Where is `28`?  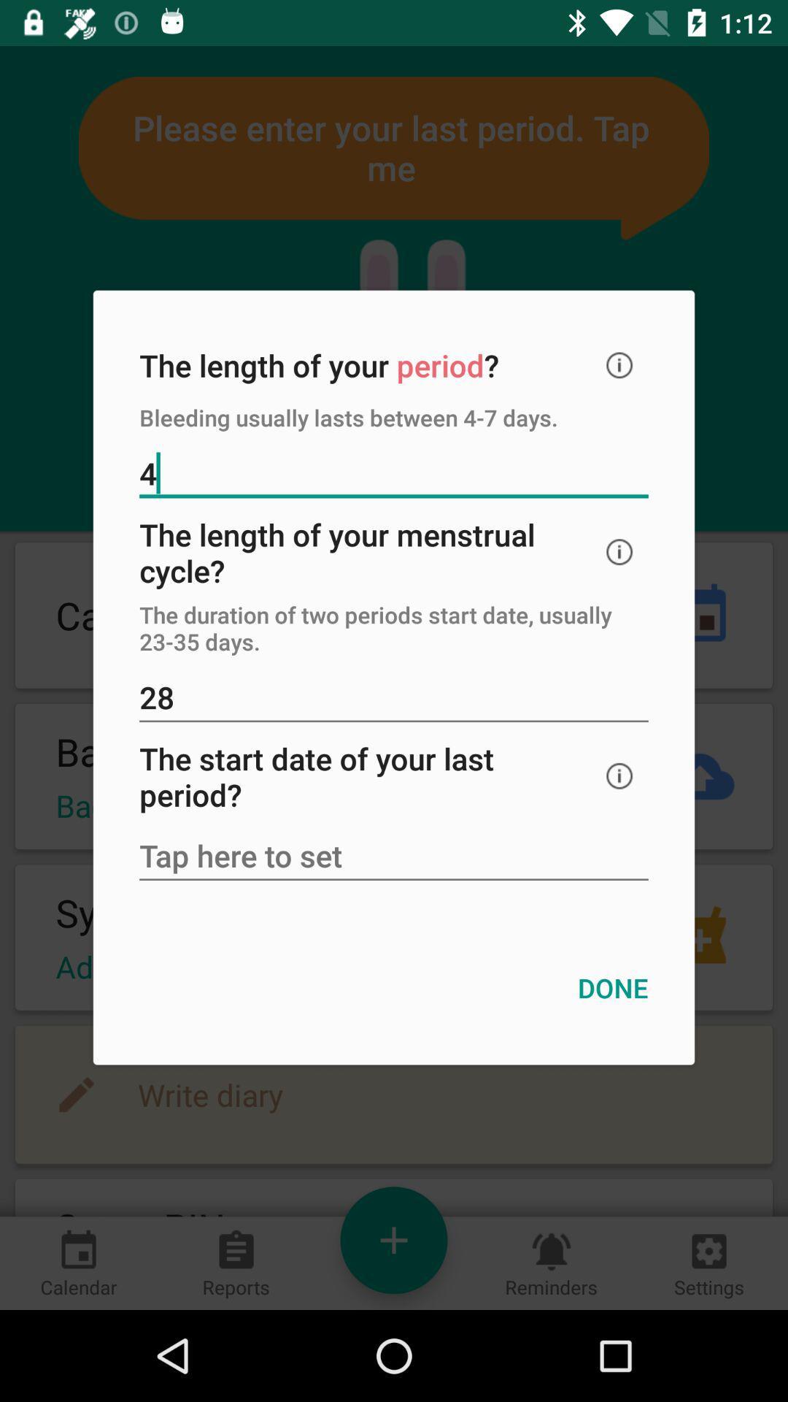 28 is located at coordinates (394, 698).